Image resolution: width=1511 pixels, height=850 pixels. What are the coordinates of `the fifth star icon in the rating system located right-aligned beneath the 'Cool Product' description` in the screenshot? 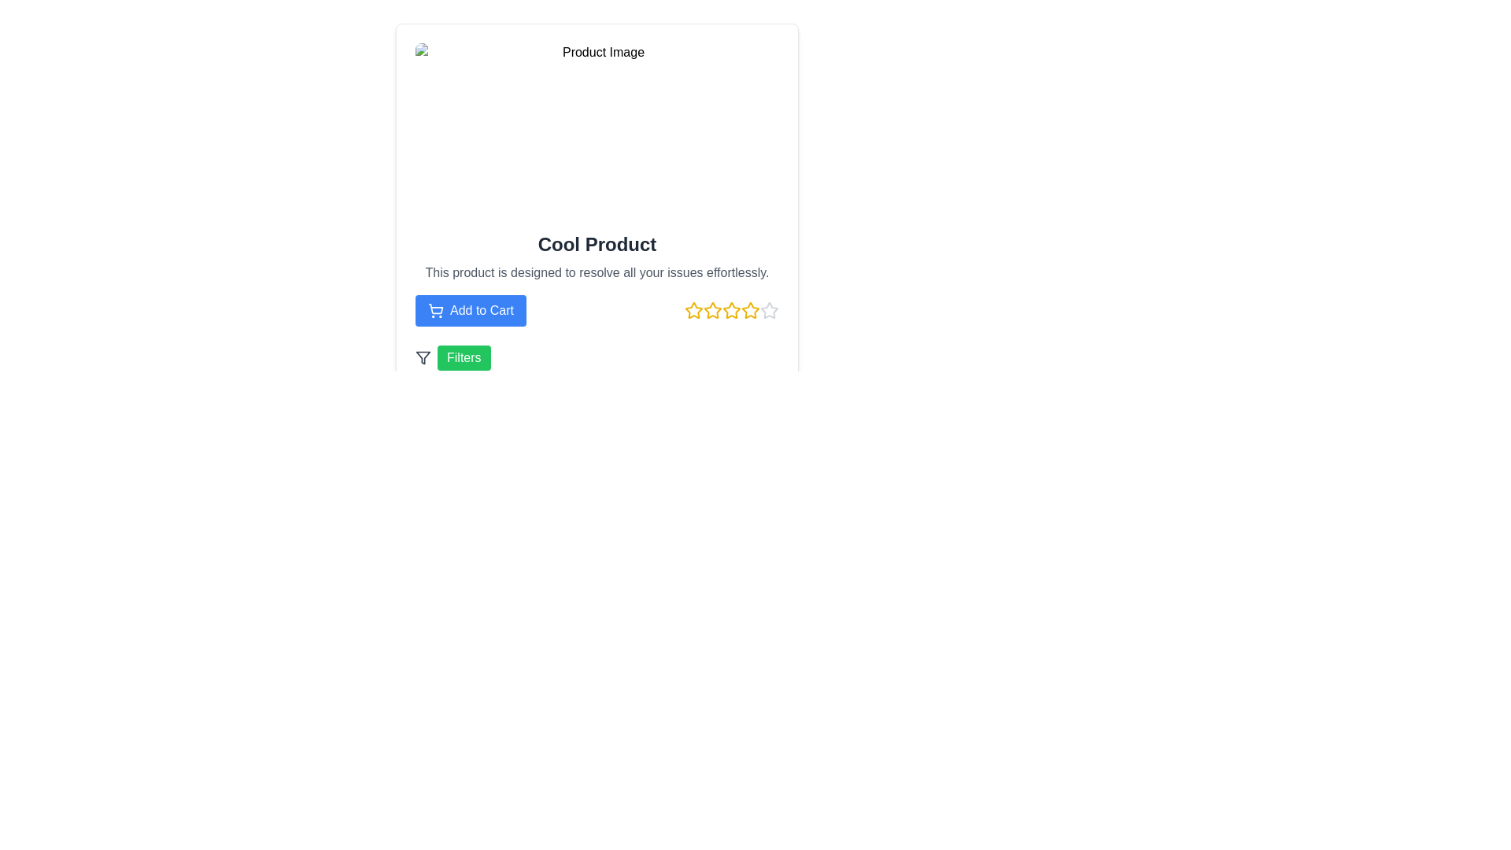 It's located at (750, 310).